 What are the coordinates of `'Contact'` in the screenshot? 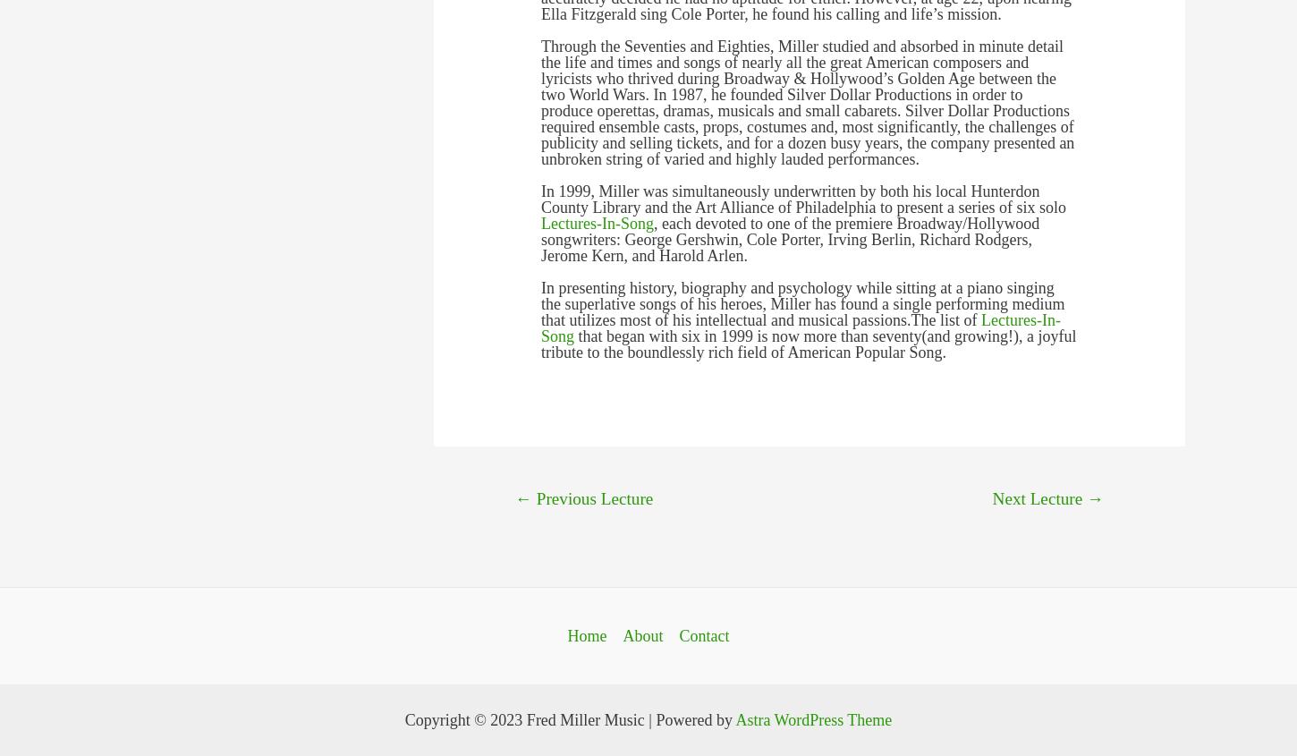 It's located at (704, 634).